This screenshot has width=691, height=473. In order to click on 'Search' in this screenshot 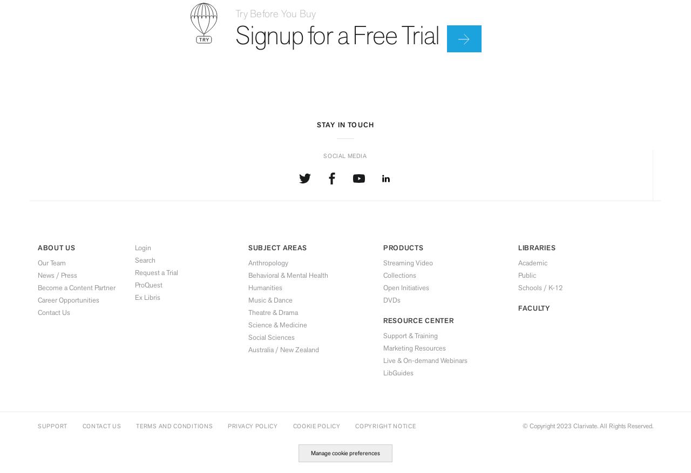, I will do `click(145, 259)`.